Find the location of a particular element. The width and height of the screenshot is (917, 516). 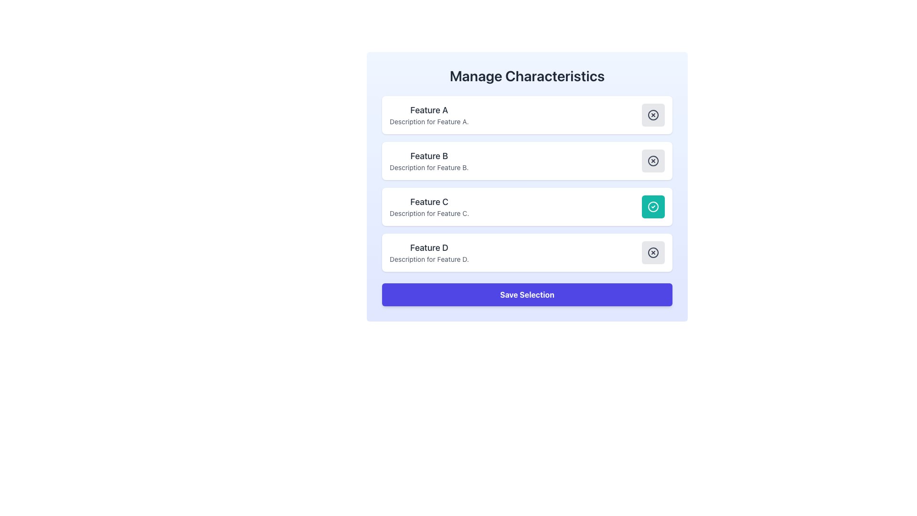

descriptive text located below the title 'Feature B' in the second section of the vertical list of features, which is aligned centrally within the interface below the heading 'Manage Characteristics' is located at coordinates (428, 167).